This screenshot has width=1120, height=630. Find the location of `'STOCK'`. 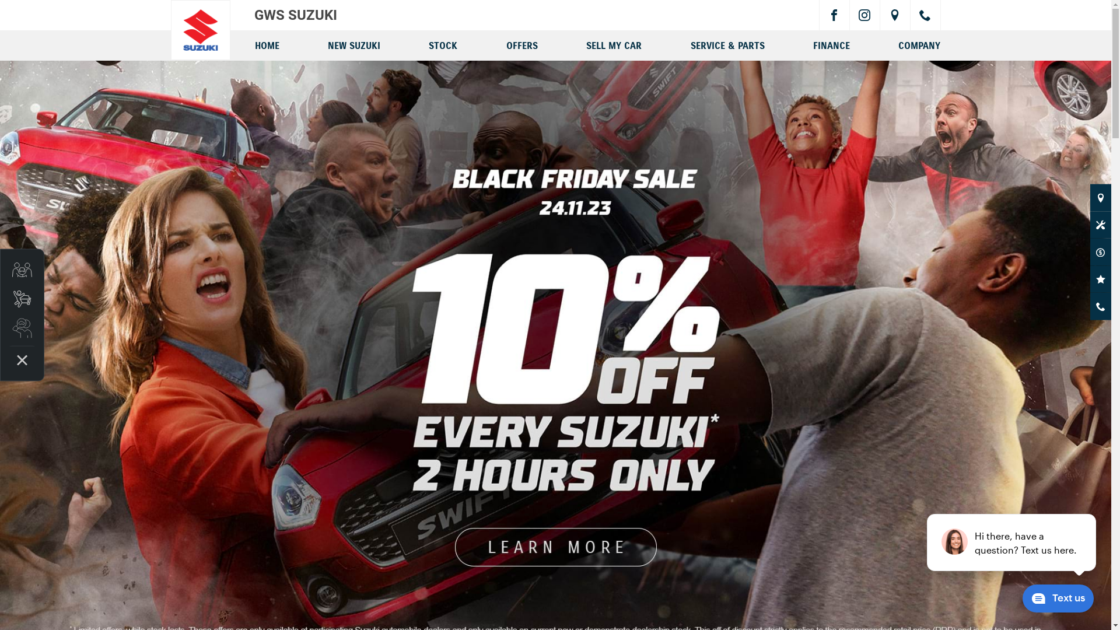

'STOCK' is located at coordinates (442, 44).